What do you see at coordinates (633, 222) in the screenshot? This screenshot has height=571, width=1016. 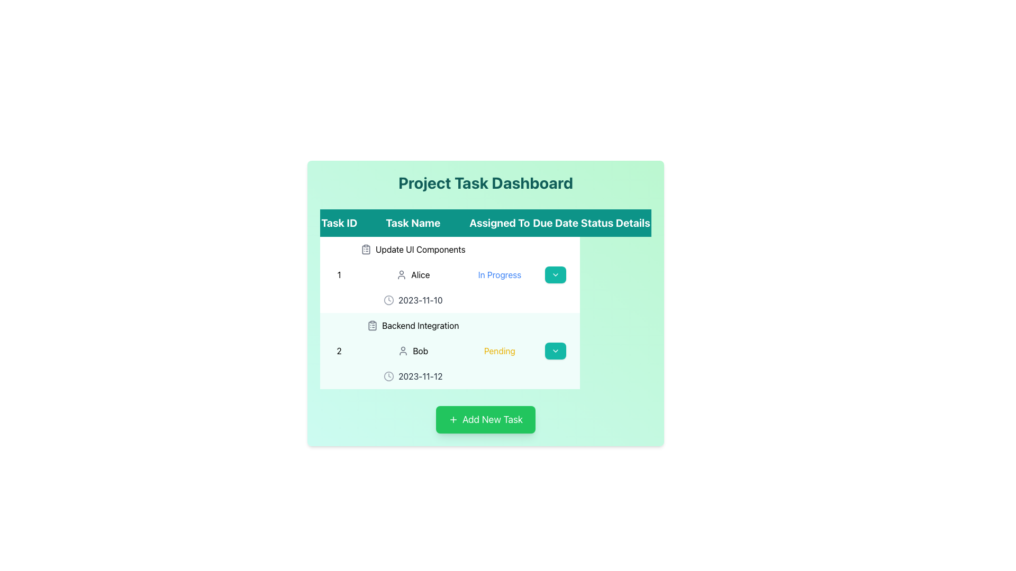 I see `the last text label in the header row, which is located to the far right and adjacent to the 'Status' label` at bounding box center [633, 222].